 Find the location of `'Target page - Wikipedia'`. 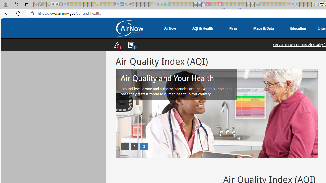

'Target page - Wikipedia' is located at coordinates (321, 4).